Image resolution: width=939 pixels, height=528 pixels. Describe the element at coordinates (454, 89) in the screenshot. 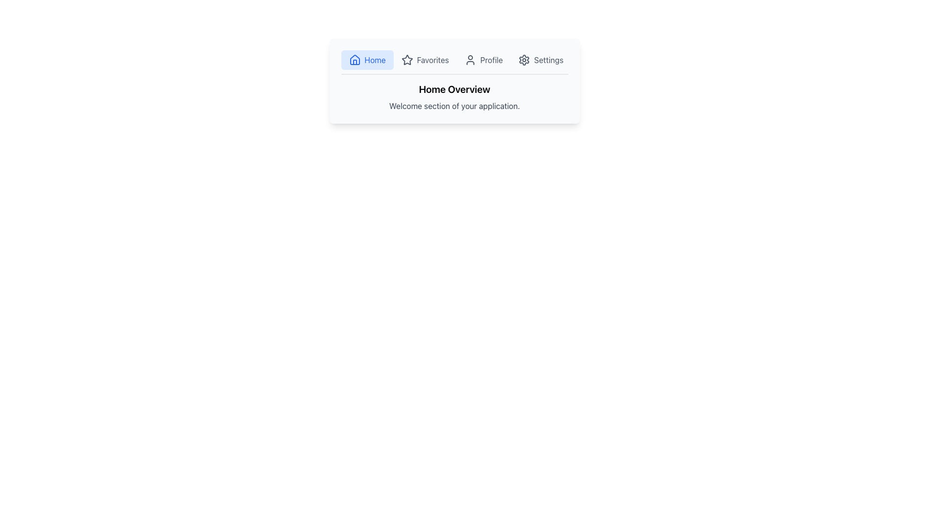

I see `the header text label that introduces the 'Home Overview' section of the application` at that location.